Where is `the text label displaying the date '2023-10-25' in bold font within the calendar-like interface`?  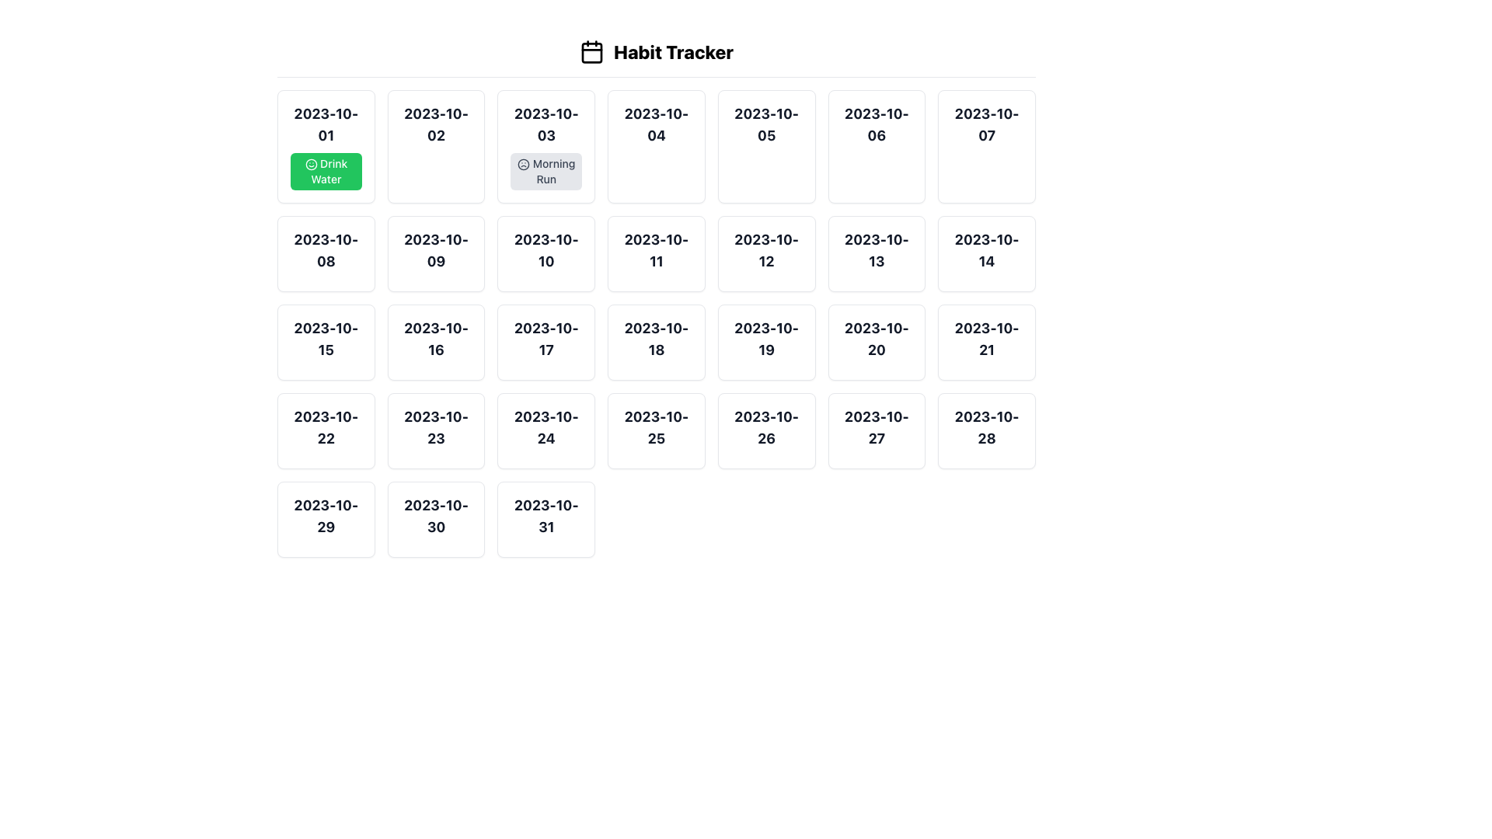
the text label displaying the date '2023-10-25' in bold font within the calendar-like interface is located at coordinates (656, 428).